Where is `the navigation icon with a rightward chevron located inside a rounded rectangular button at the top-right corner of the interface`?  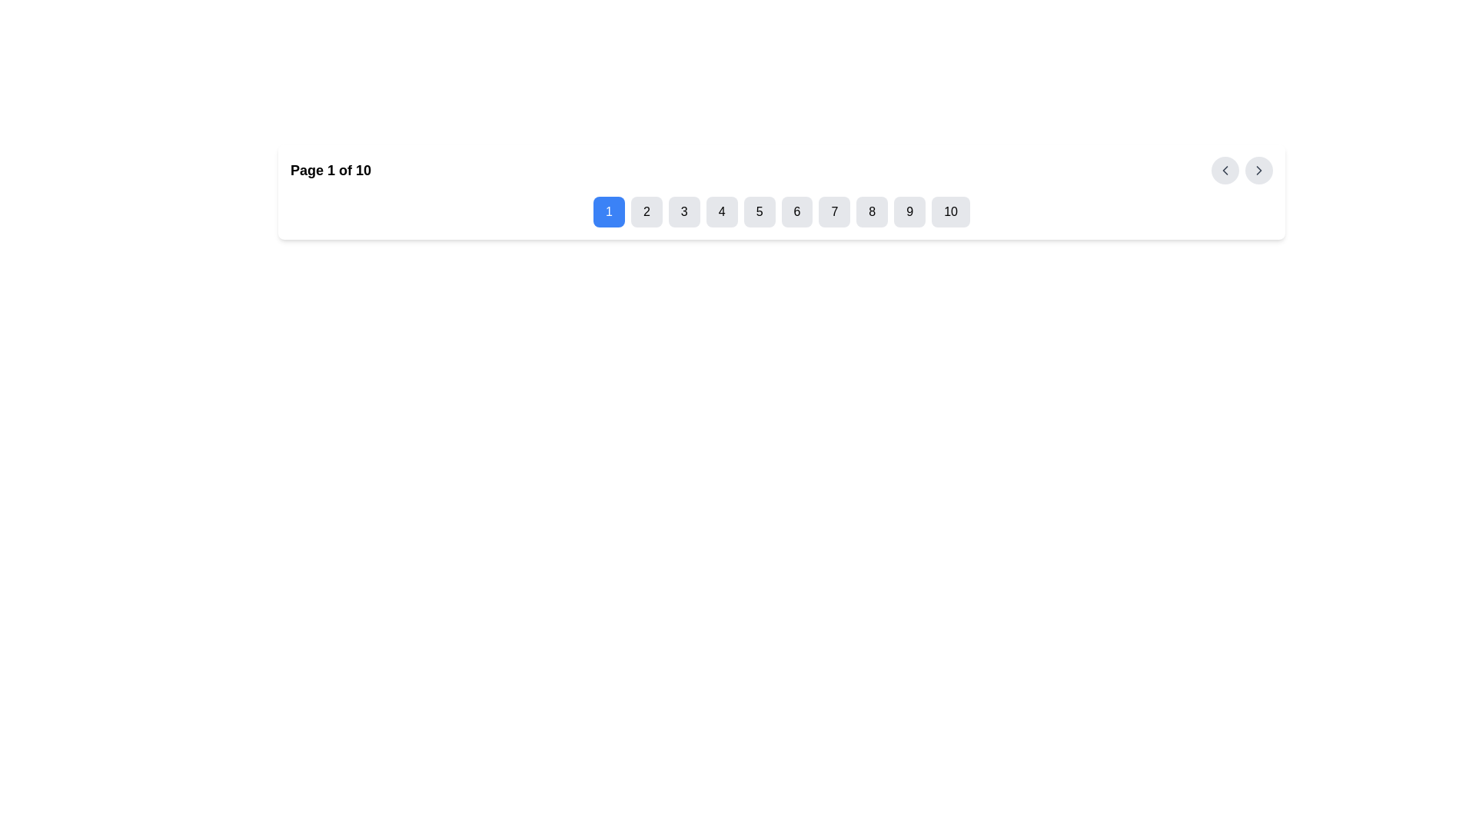
the navigation icon with a rightward chevron located inside a rounded rectangular button at the top-right corner of the interface is located at coordinates (1258, 171).